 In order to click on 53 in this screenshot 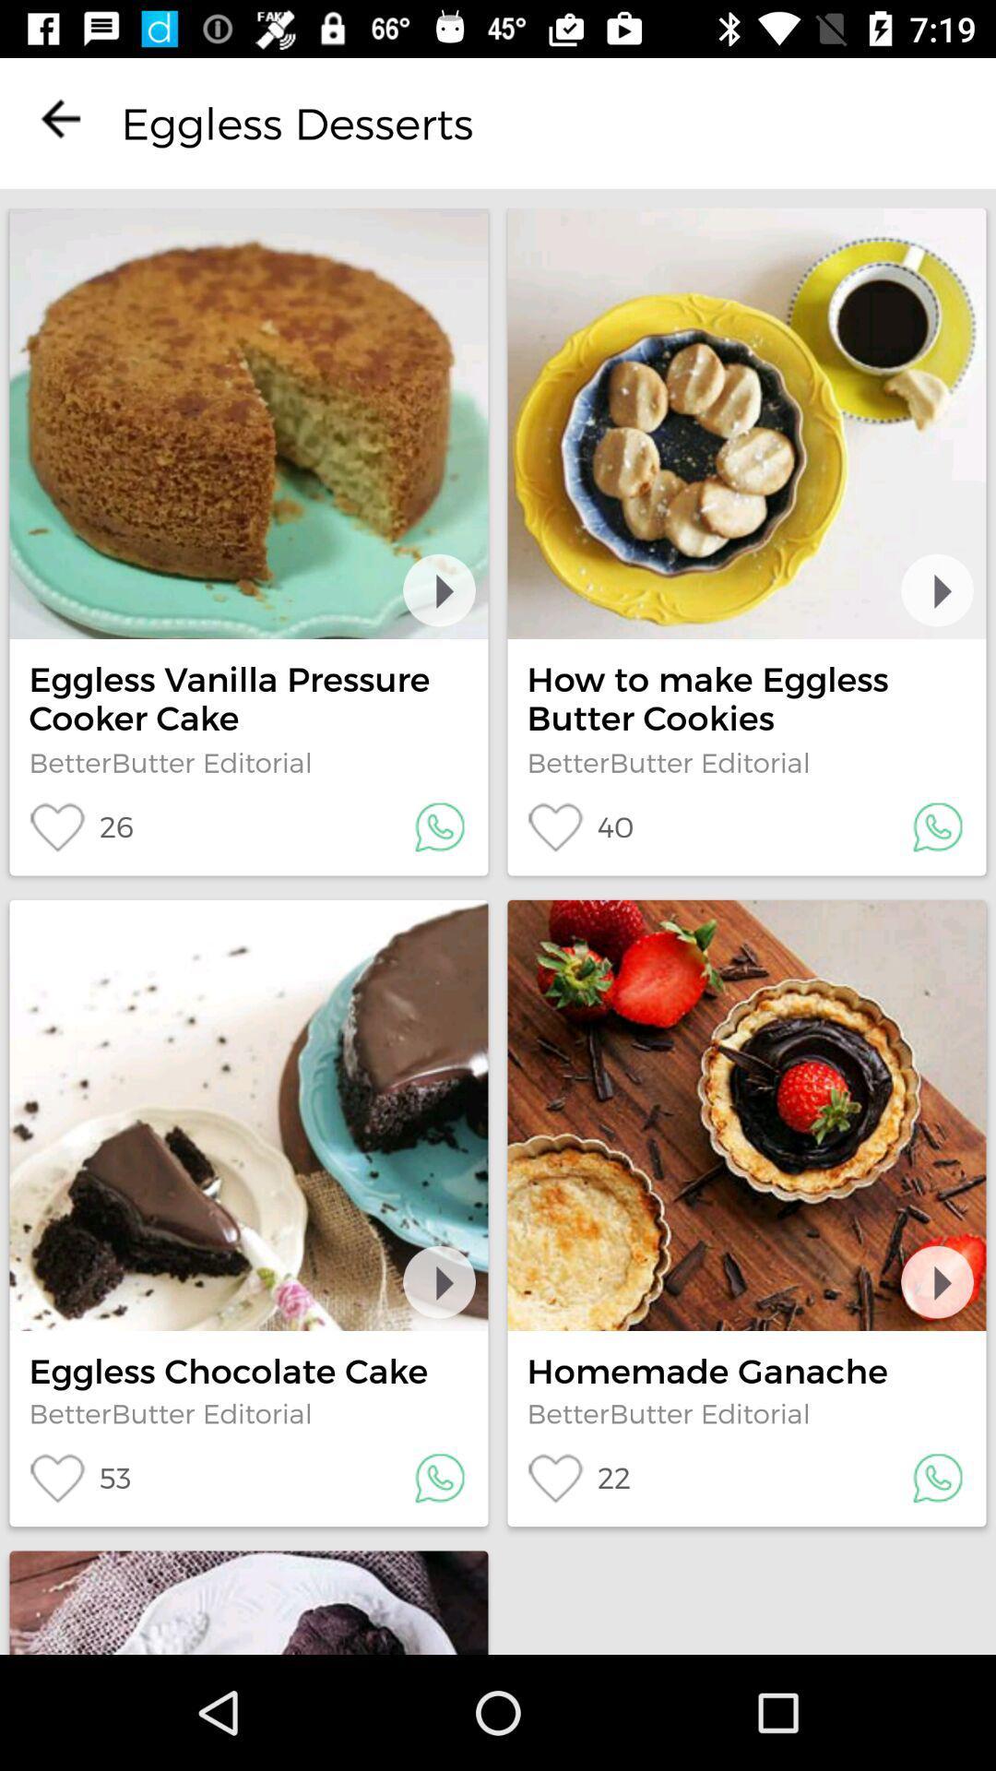, I will do `click(79, 1478)`.